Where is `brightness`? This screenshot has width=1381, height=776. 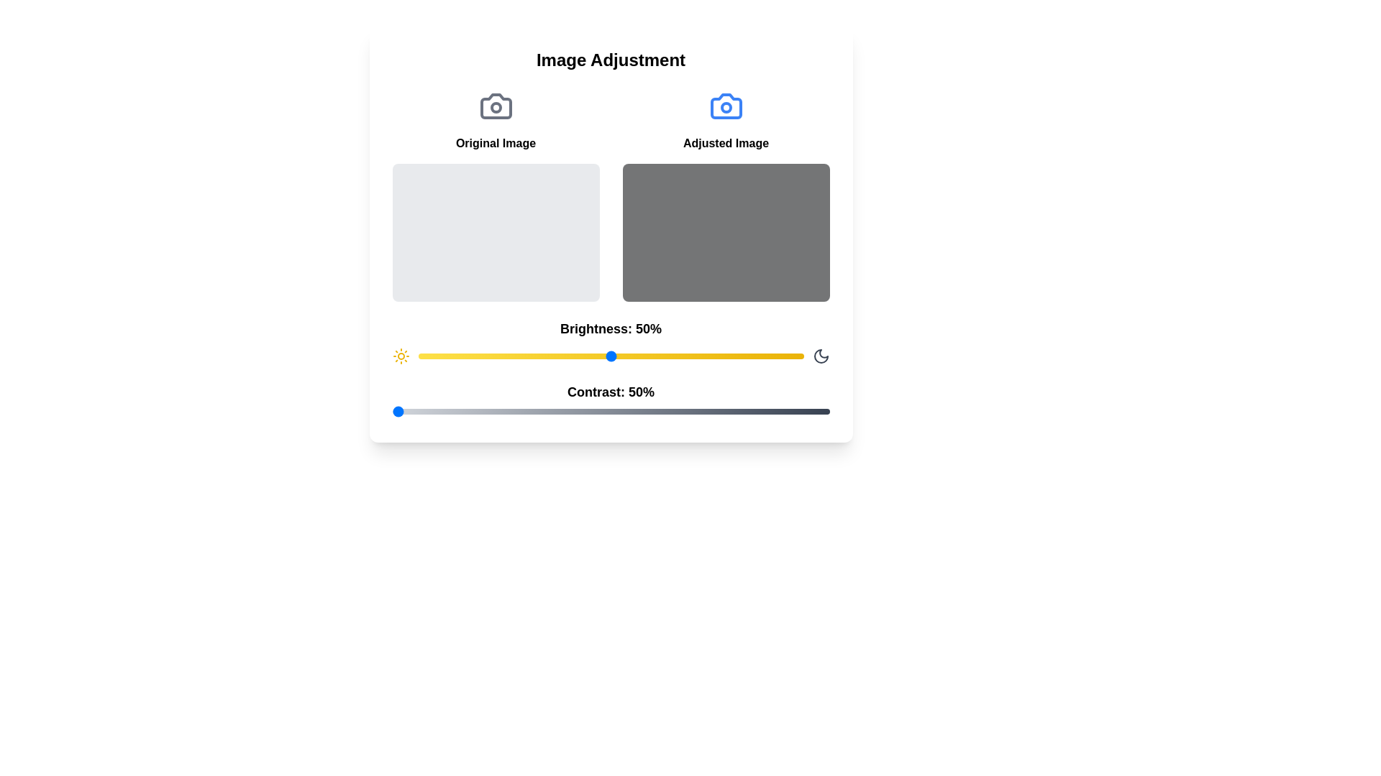
brightness is located at coordinates (679, 356).